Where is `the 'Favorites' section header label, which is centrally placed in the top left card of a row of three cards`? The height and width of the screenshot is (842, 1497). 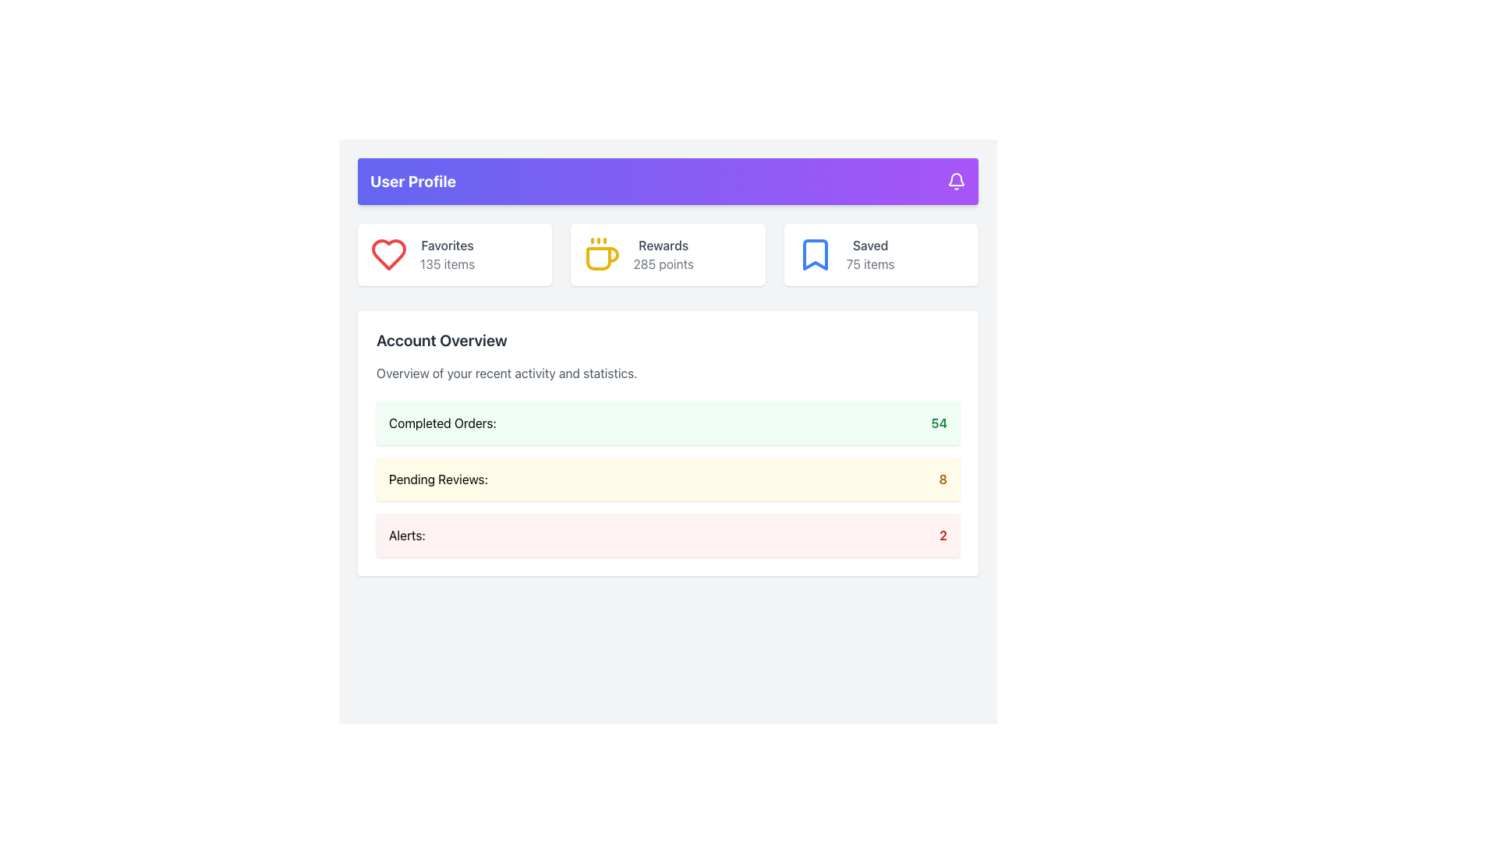
the 'Favorites' section header label, which is centrally placed in the top left card of a row of three cards is located at coordinates (447, 246).